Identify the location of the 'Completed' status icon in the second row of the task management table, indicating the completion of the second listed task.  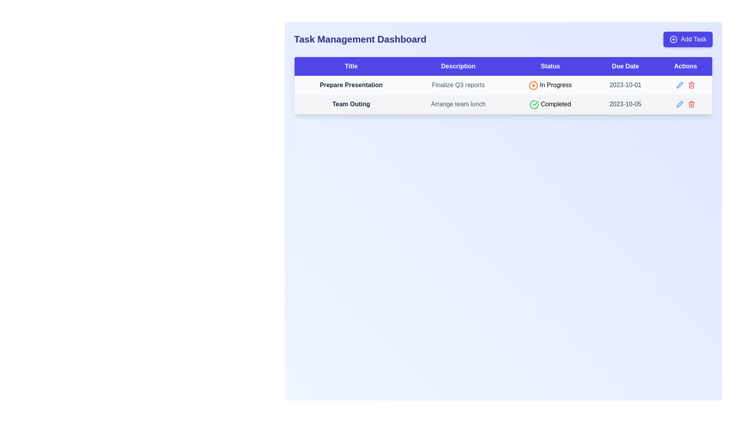
(535, 103).